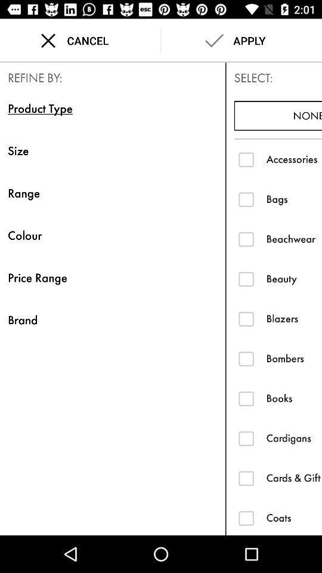 The width and height of the screenshot is (322, 573). What do you see at coordinates (293, 398) in the screenshot?
I see `item below bombers item` at bounding box center [293, 398].